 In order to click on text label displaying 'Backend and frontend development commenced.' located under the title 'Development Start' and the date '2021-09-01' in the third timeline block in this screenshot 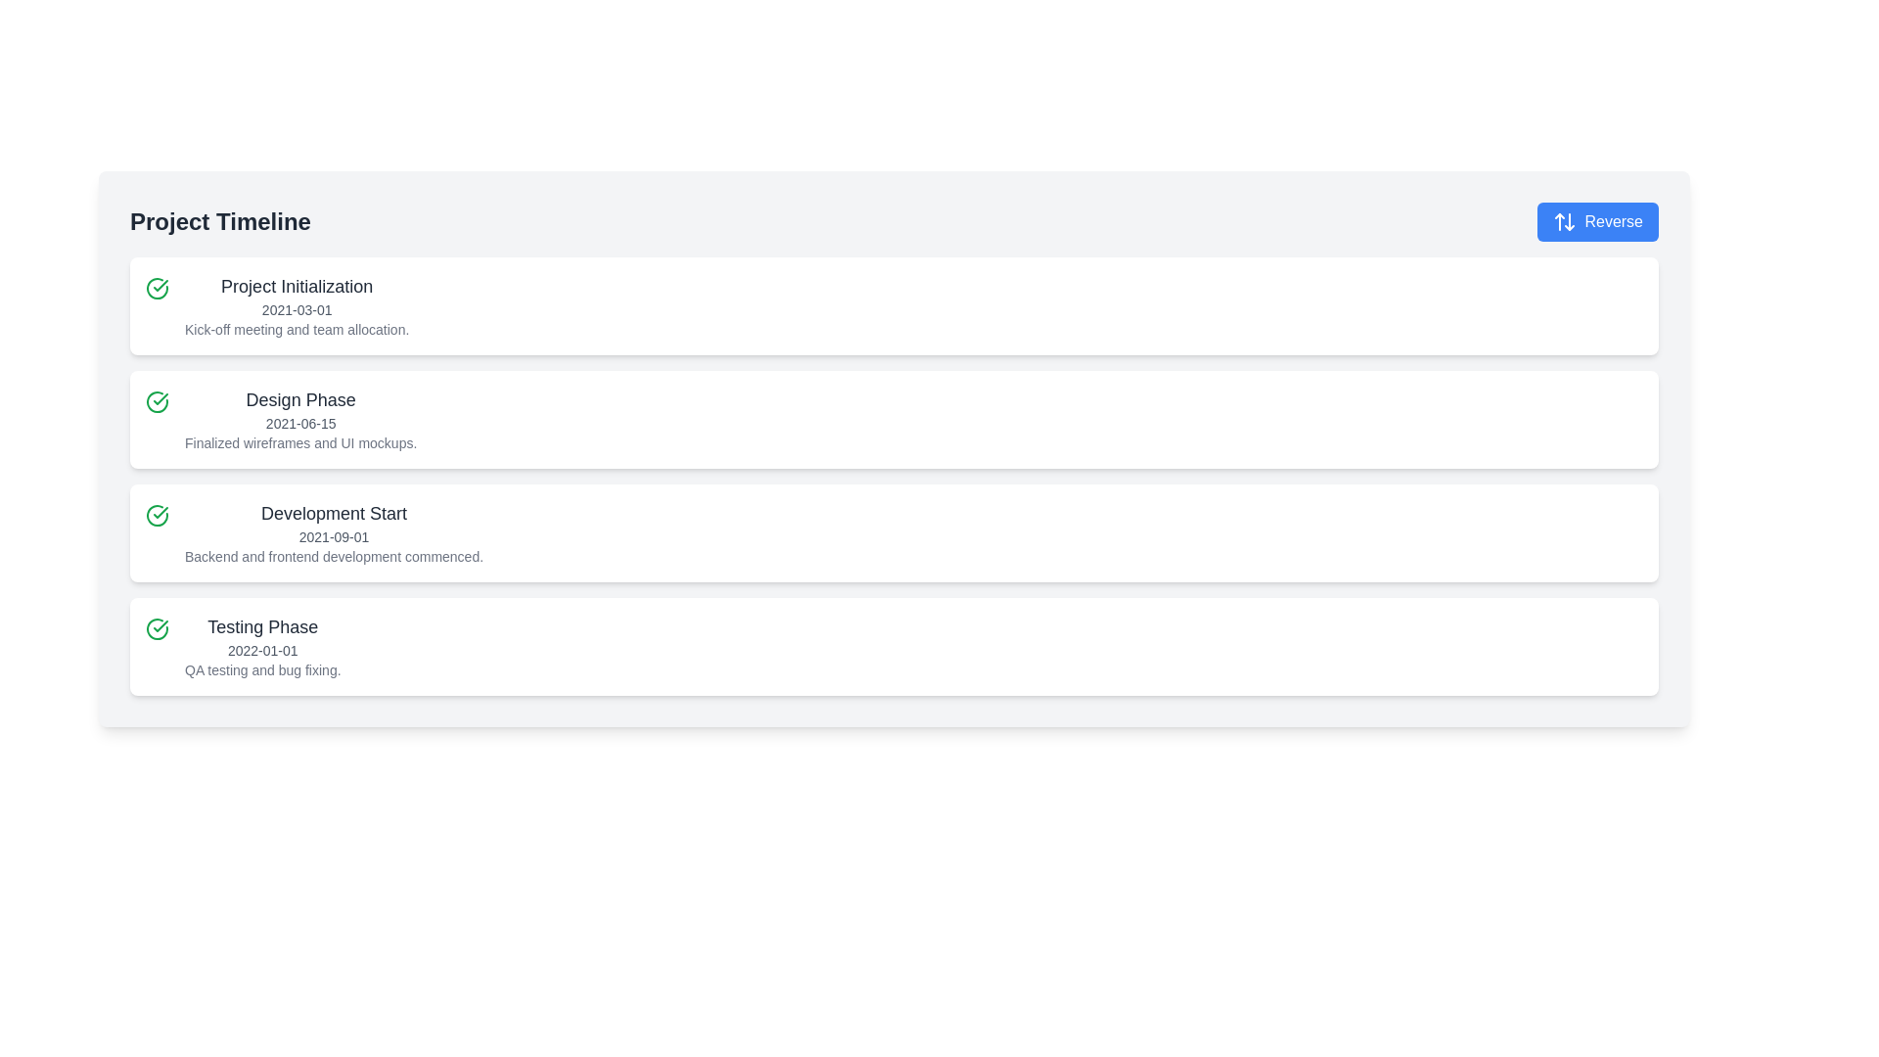, I will do `click(334, 557)`.